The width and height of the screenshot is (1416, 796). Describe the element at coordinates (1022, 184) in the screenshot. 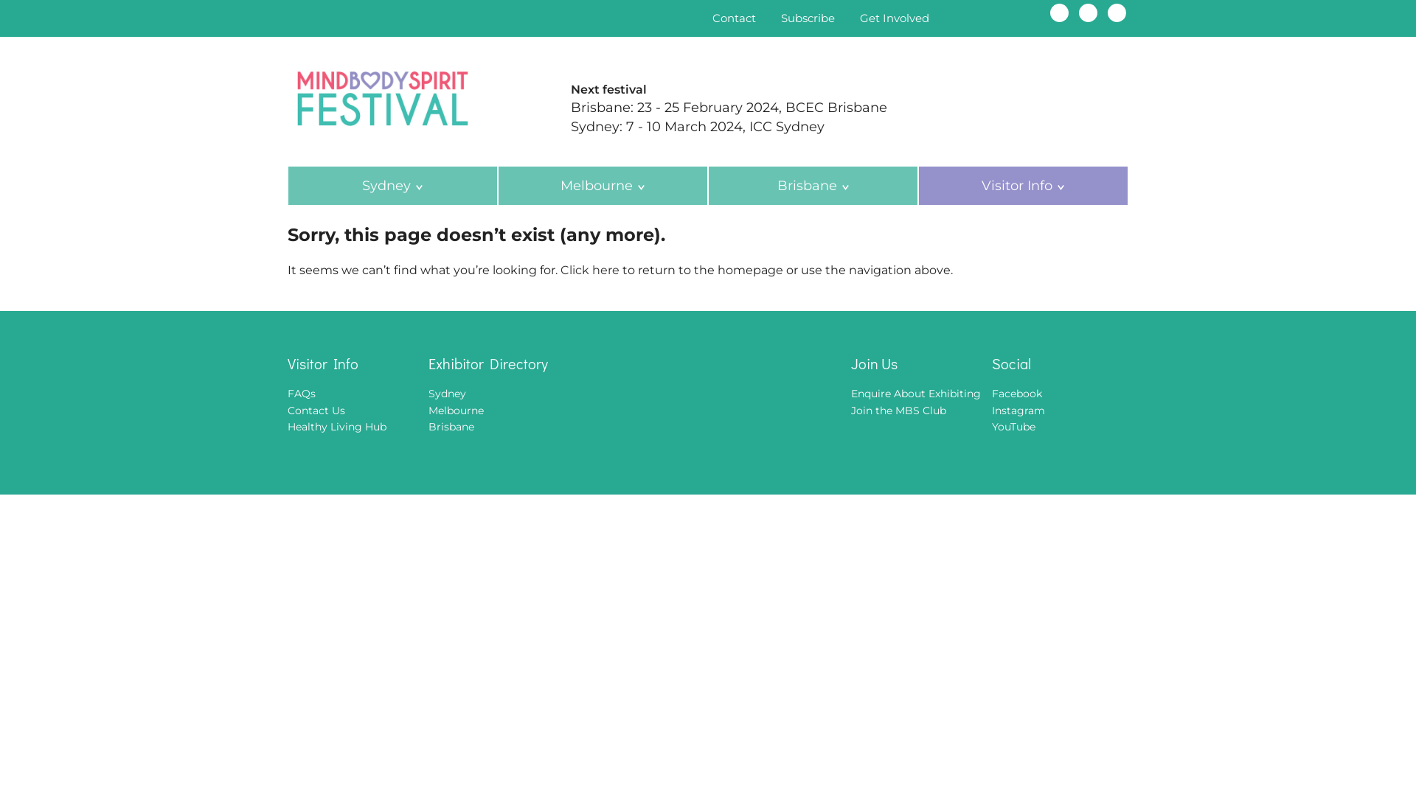

I see `'Visitor Info'` at that location.